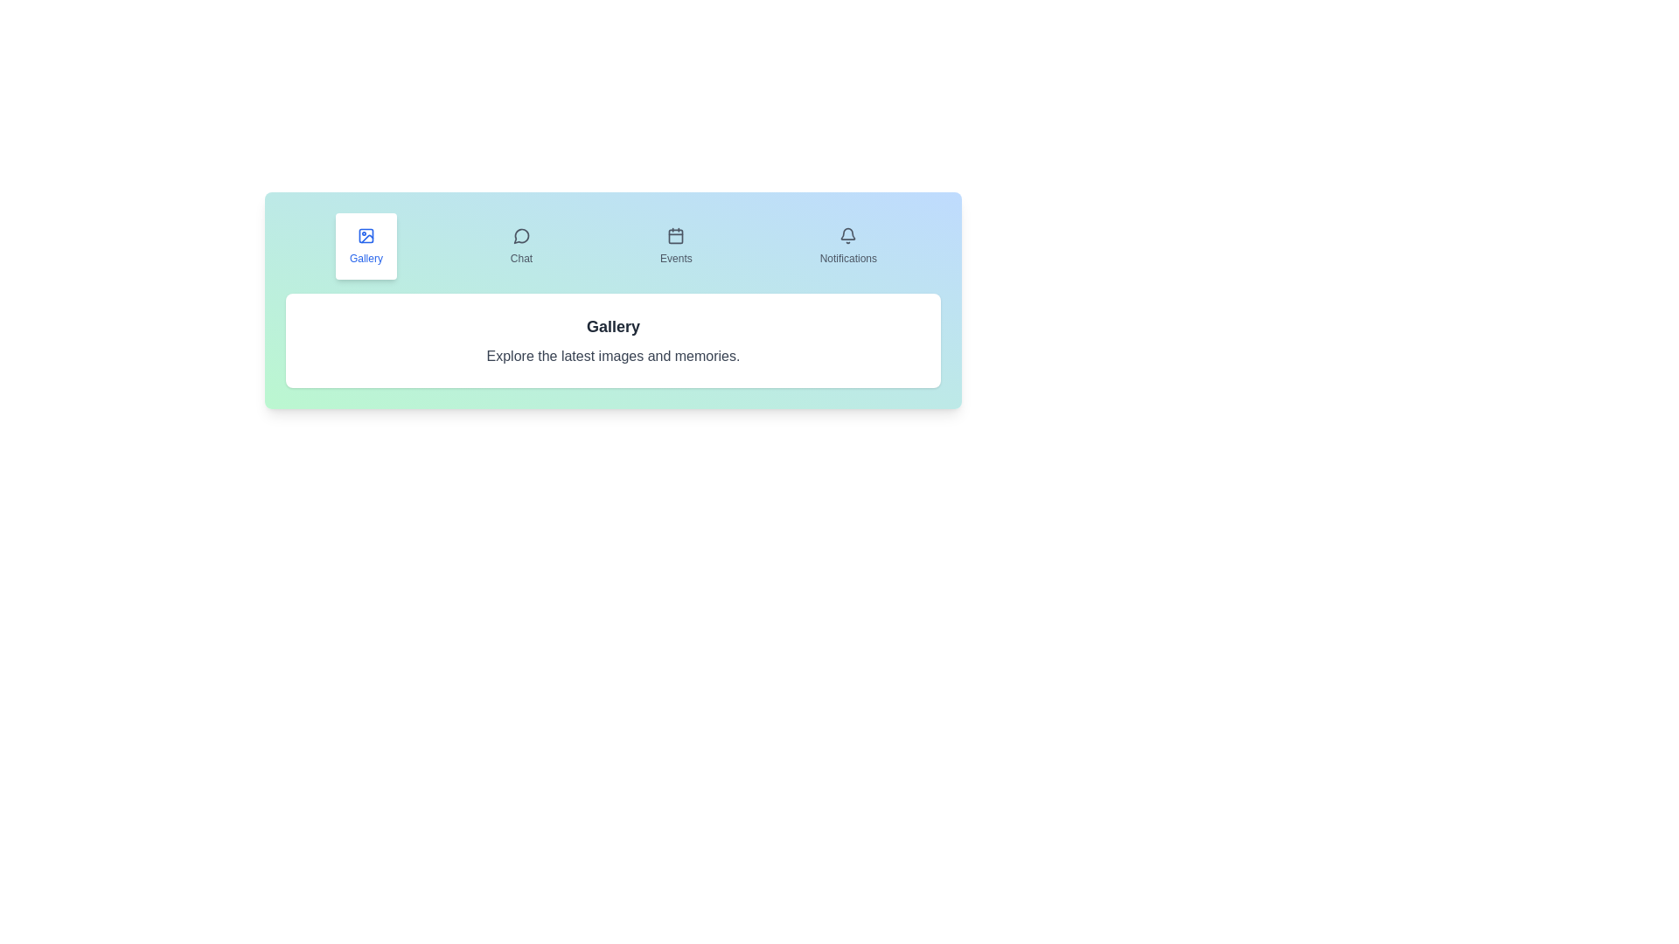 This screenshot has width=1679, height=944. I want to click on the Notifications tab to display its content, so click(848, 246).